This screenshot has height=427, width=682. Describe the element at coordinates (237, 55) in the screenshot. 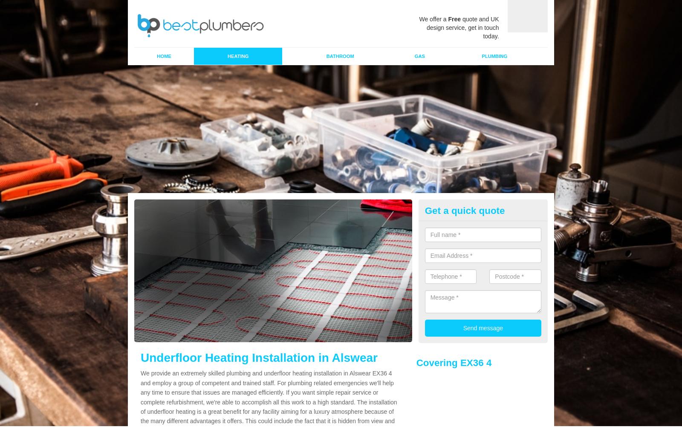

I see `'Heating'` at that location.